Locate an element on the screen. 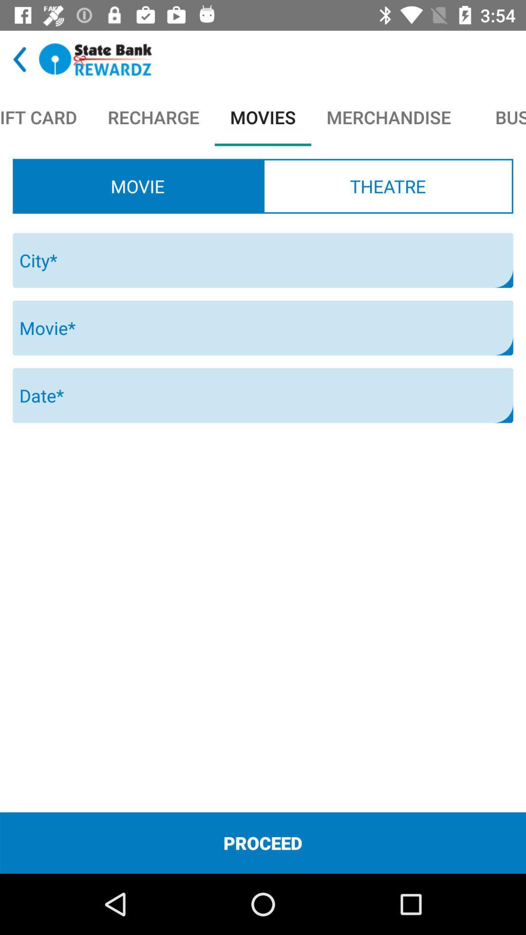 This screenshot has height=935, width=526. item next to movie is located at coordinates (387, 186).